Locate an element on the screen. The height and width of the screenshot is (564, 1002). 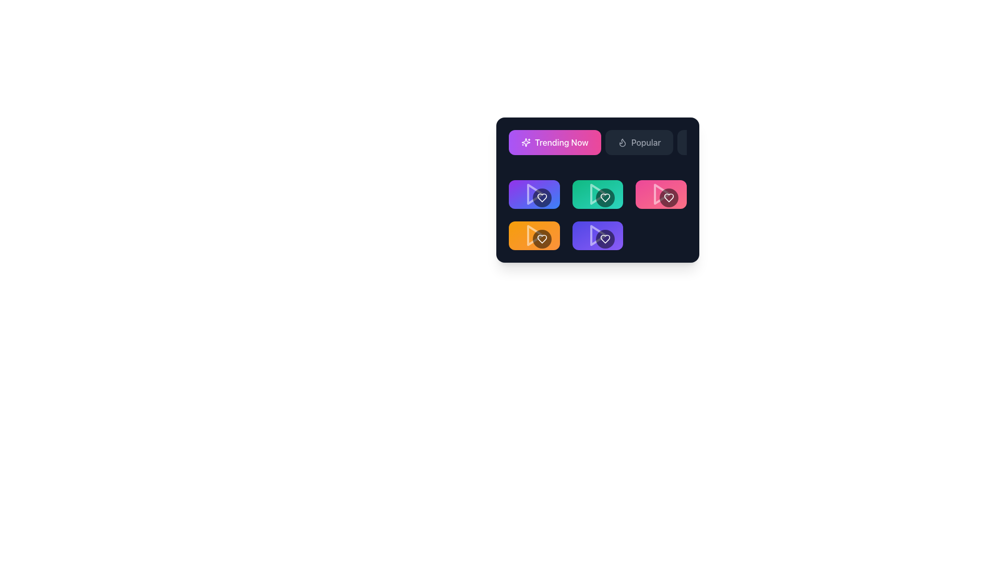
the heart icon on the green rectangular grid item in the second row, middle column to like or favorite is located at coordinates (598, 190).